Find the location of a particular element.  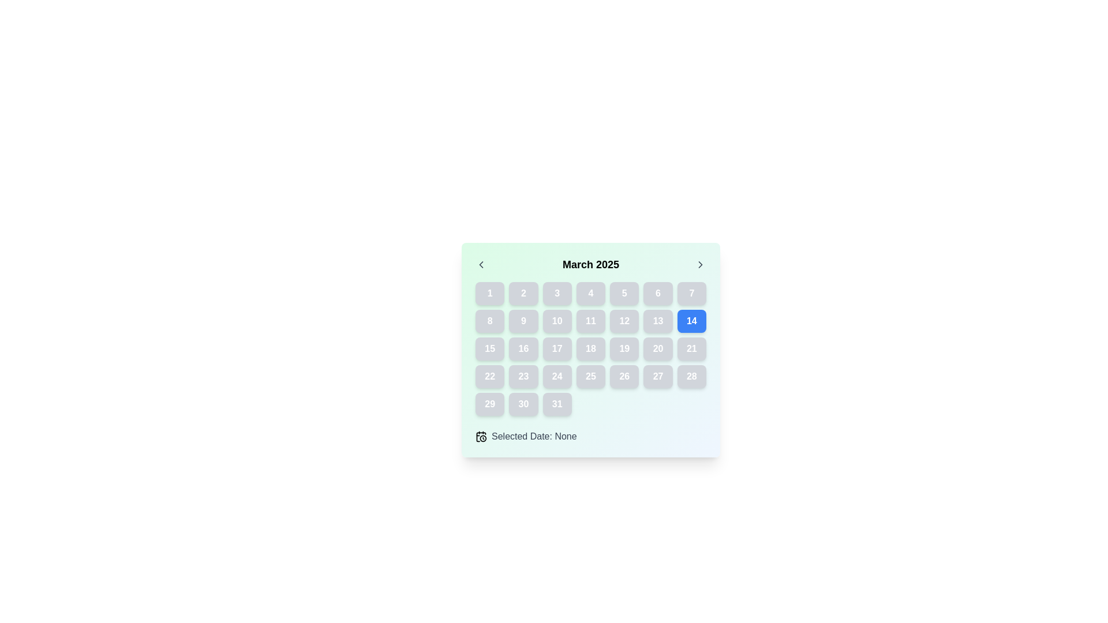

the button representing the date '30' in the digital calendar interface is located at coordinates (523, 404).